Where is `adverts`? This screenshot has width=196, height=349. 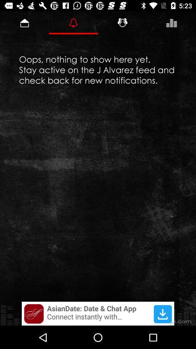 adverts is located at coordinates (98, 313).